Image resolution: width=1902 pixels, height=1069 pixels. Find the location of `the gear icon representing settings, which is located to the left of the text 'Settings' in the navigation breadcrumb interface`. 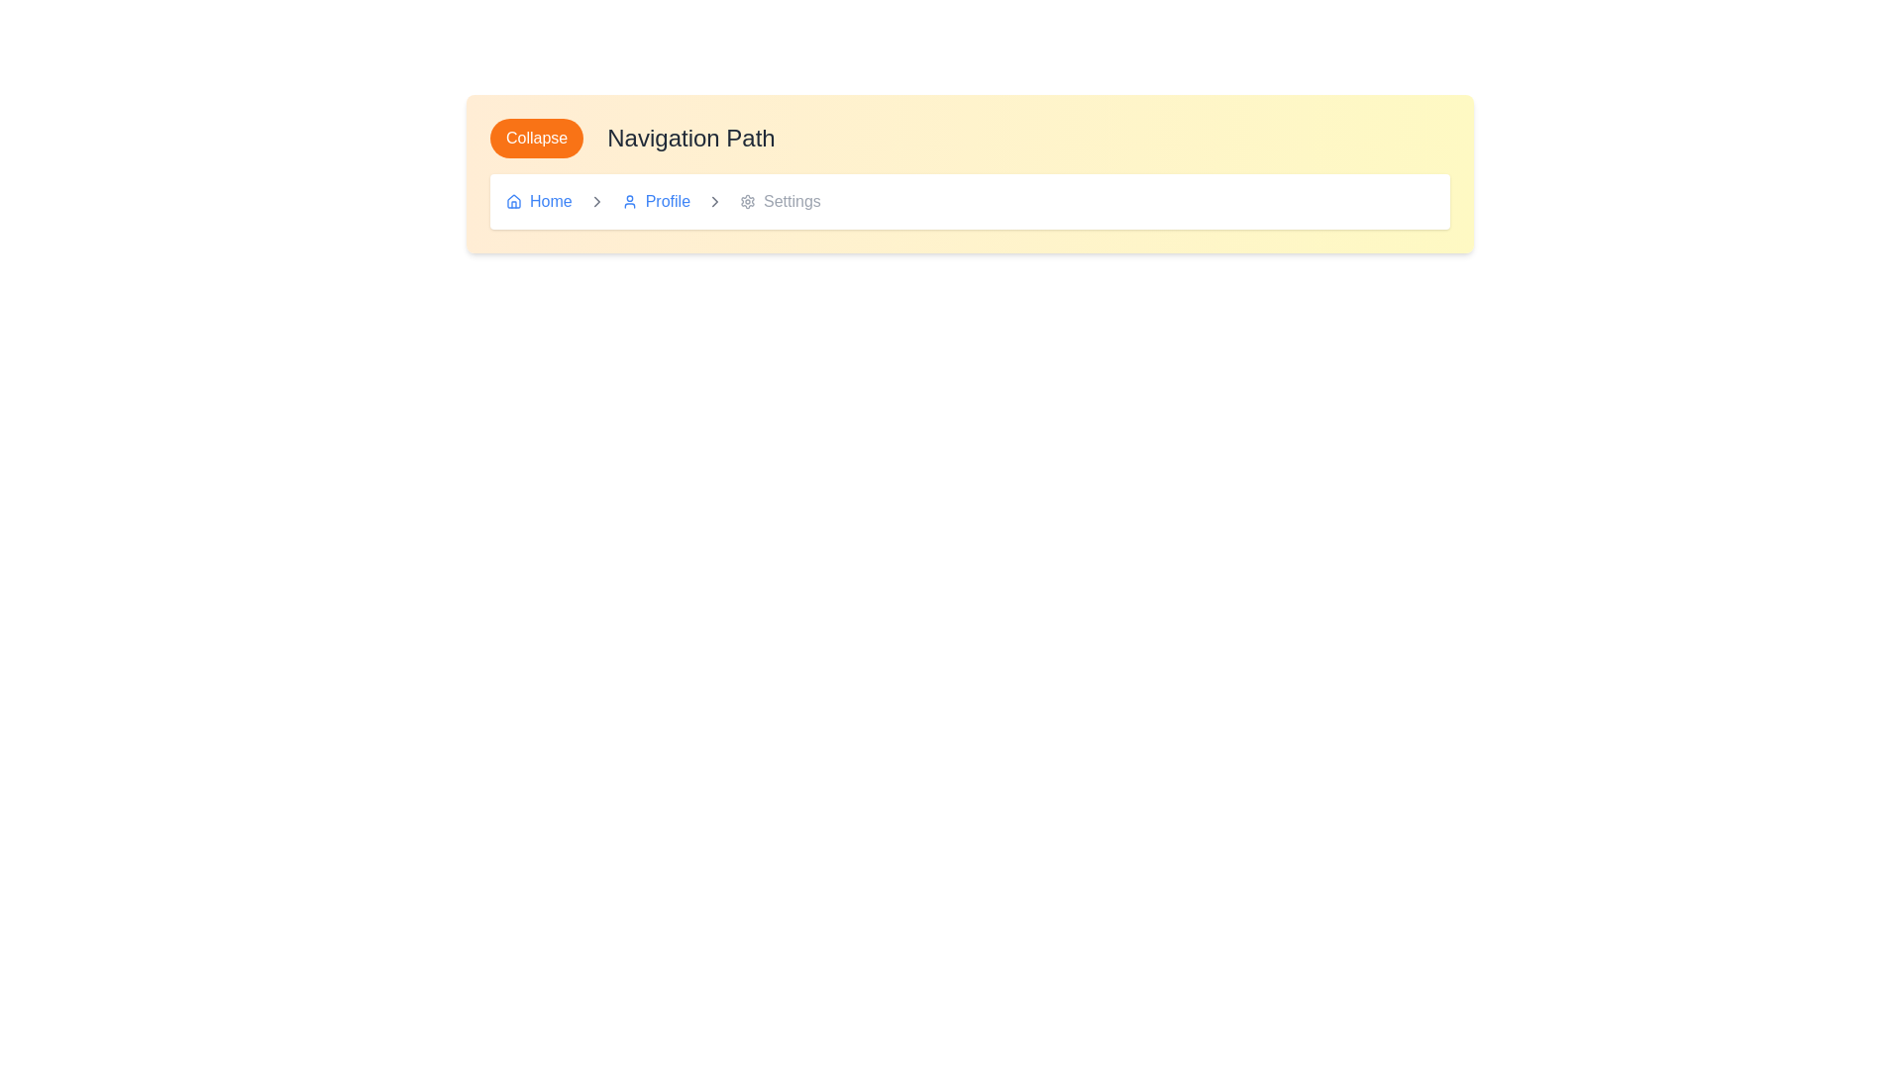

the gear icon representing settings, which is located to the left of the text 'Settings' in the navigation breadcrumb interface is located at coordinates (747, 202).